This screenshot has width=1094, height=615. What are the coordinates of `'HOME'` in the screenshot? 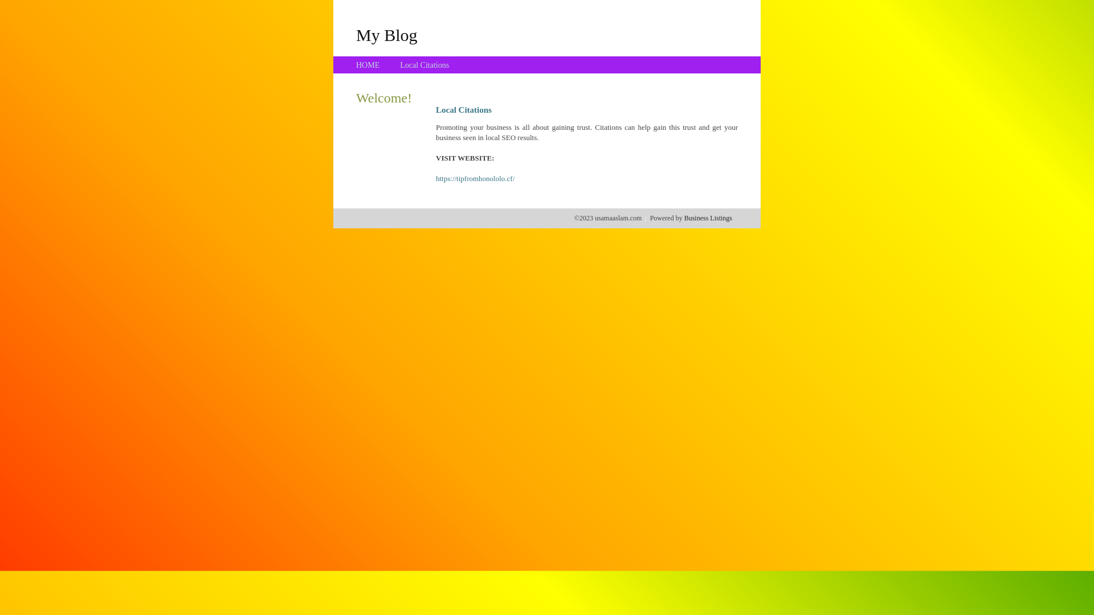 It's located at (368, 65).